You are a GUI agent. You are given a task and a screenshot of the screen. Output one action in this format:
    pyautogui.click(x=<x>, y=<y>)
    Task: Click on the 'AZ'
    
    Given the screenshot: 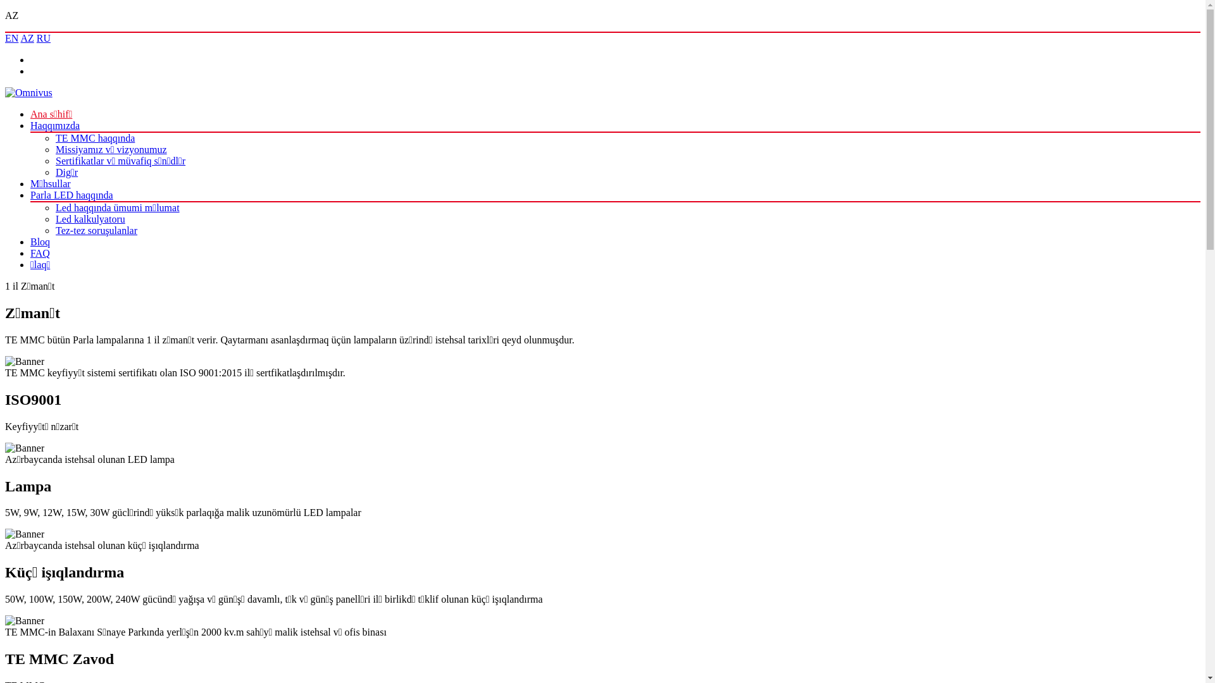 What is the action you would take?
    pyautogui.click(x=20, y=37)
    